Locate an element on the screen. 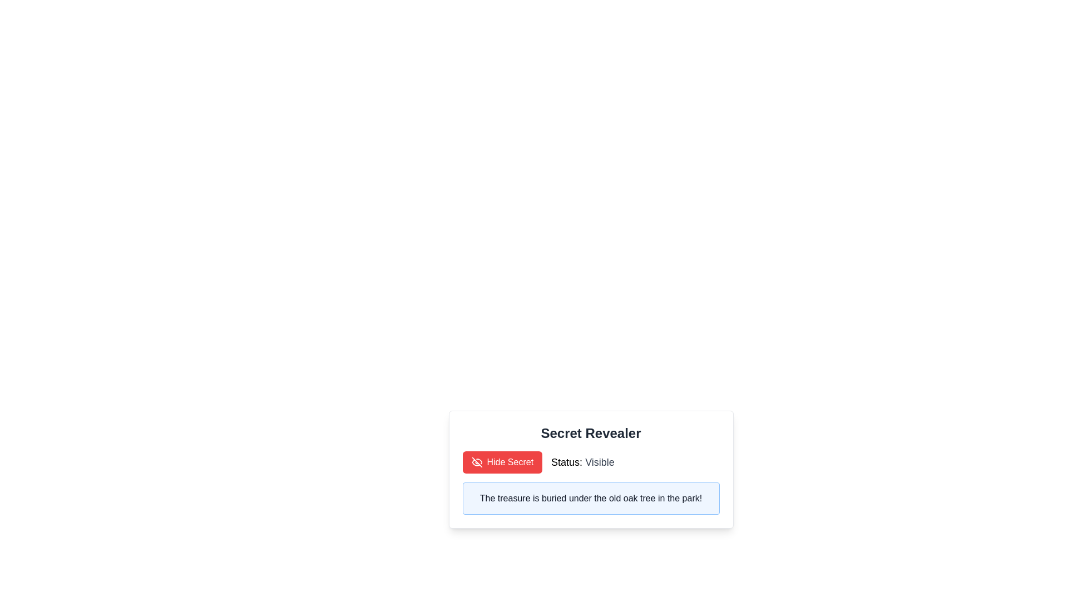 The image size is (1068, 601). the text label displaying 'Status: Visible', which is located to the right of the 'Hide Secret' button in a horizontal layout is located at coordinates (582, 462).